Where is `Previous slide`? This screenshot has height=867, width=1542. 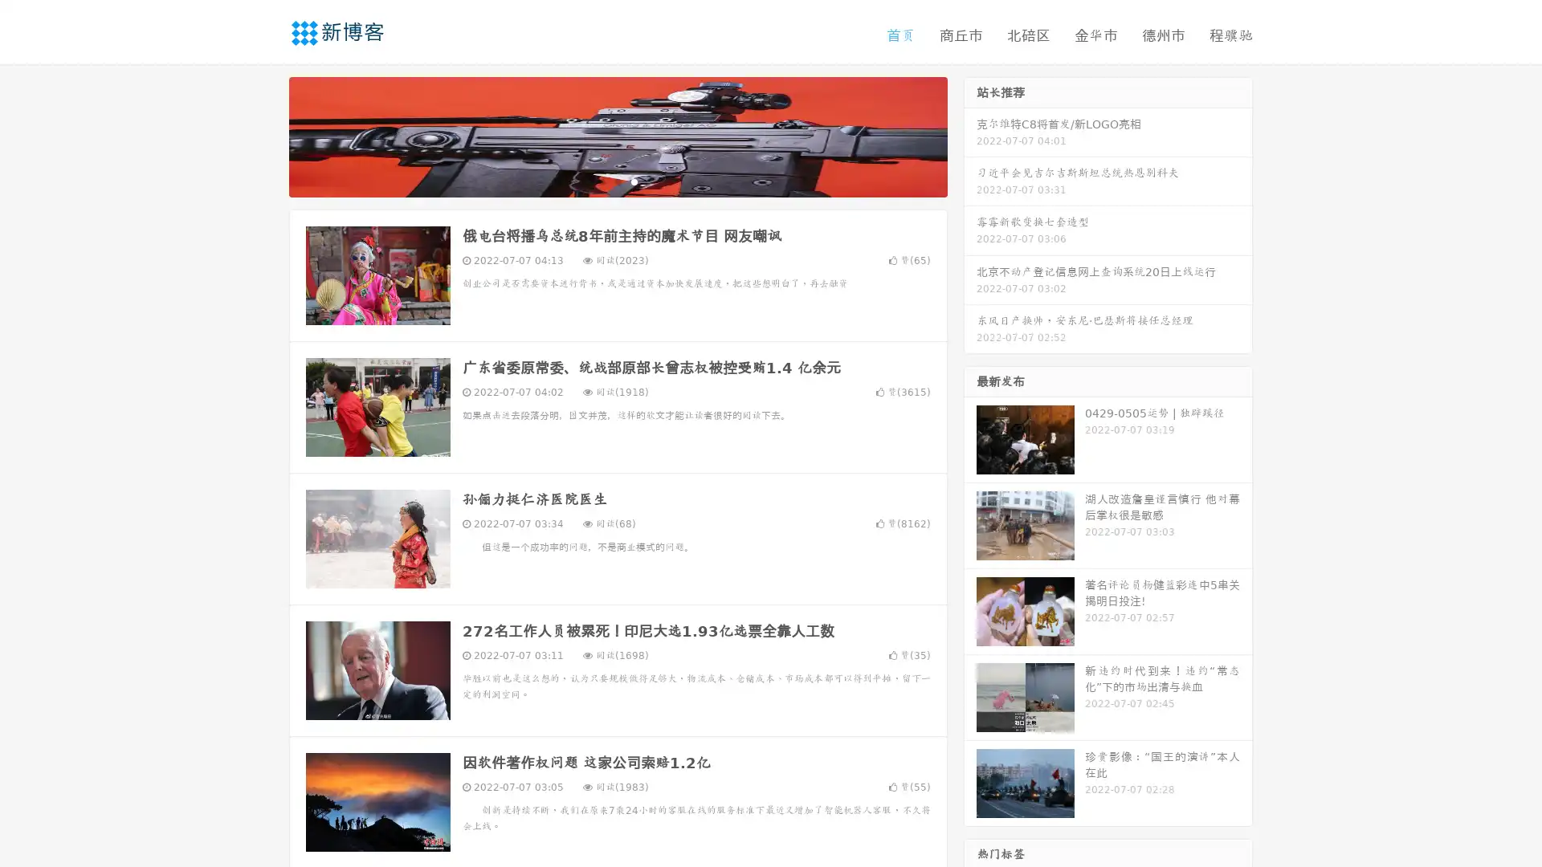 Previous slide is located at coordinates (265, 135).